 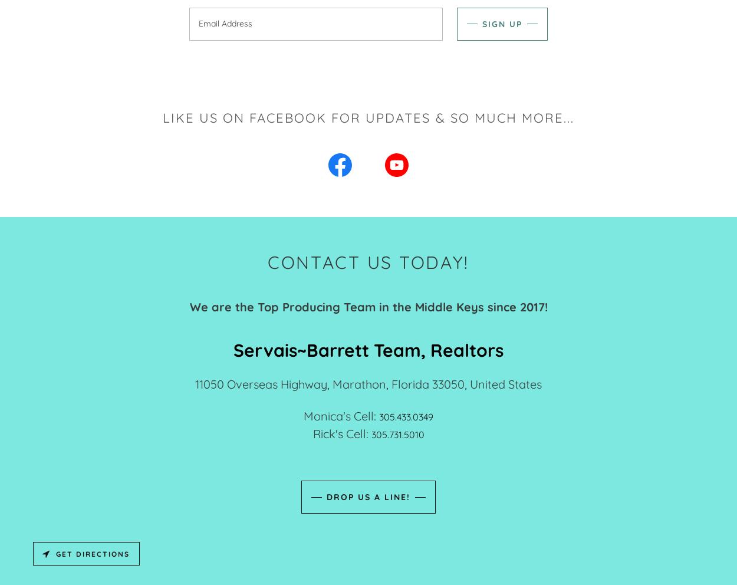 What do you see at coordinates (397, 434) in the screenshot?
I see `'305.731.5010'` at bounding box center [397, 434].